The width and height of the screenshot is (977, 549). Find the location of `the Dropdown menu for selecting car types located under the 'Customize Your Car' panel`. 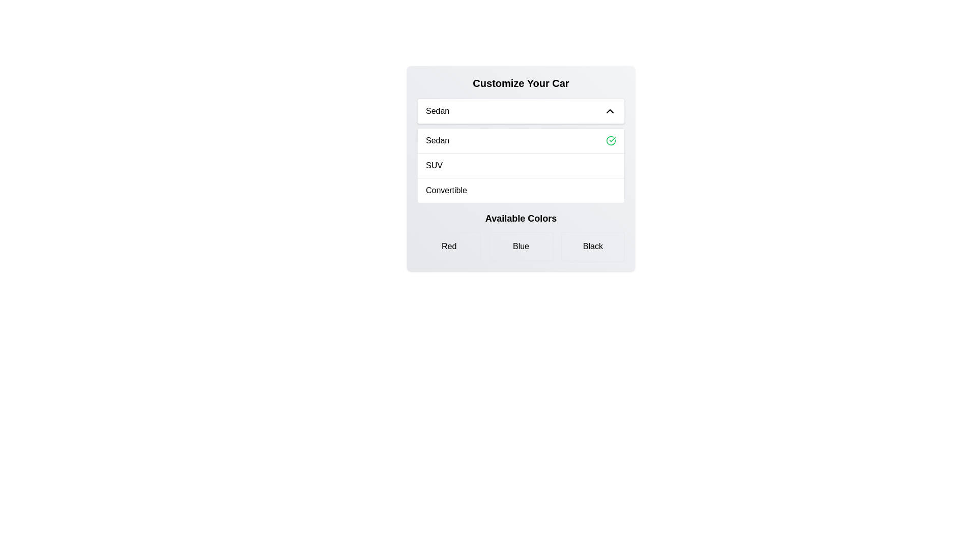

the Dropdown menu for selecting car types located under the 'Customize Your Car' panel is located at coordinates (521, 111).